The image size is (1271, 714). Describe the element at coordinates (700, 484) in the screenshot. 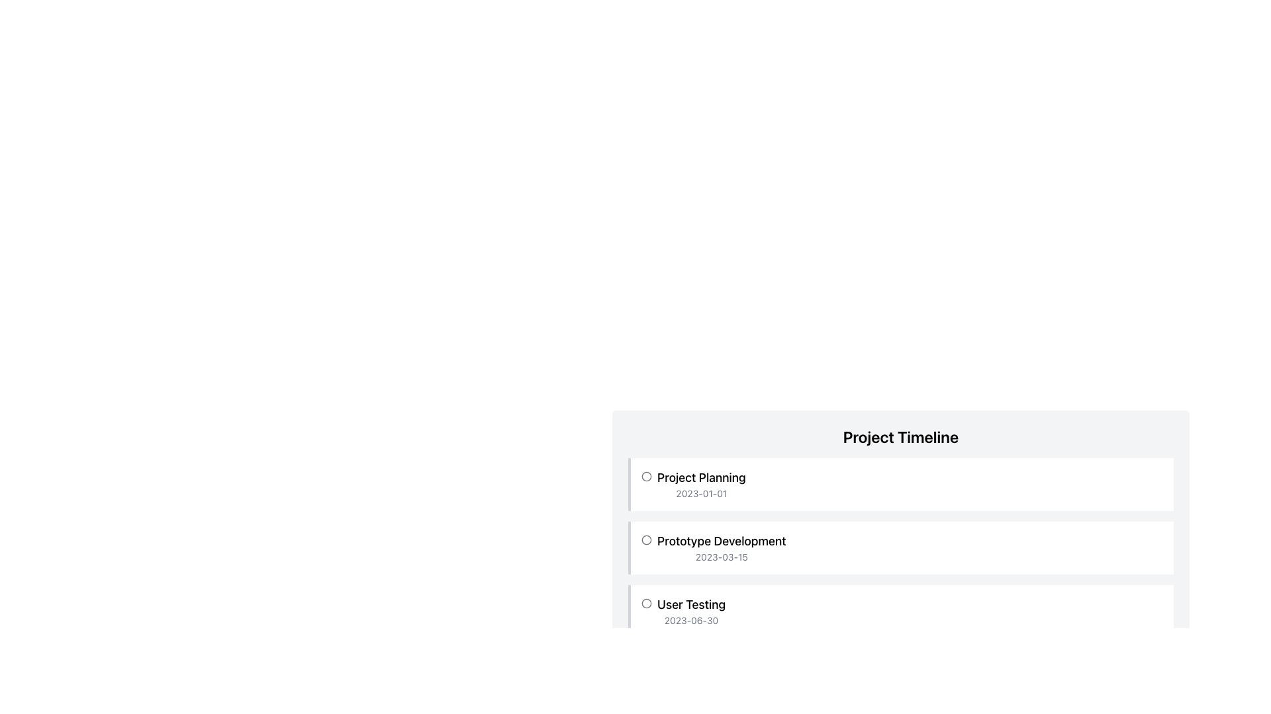

I see `project name 'Project Planning' and the date '2023-01-01' from the uppermost list entry in the vertical list under the heading 'Project Timeline'` at that location.